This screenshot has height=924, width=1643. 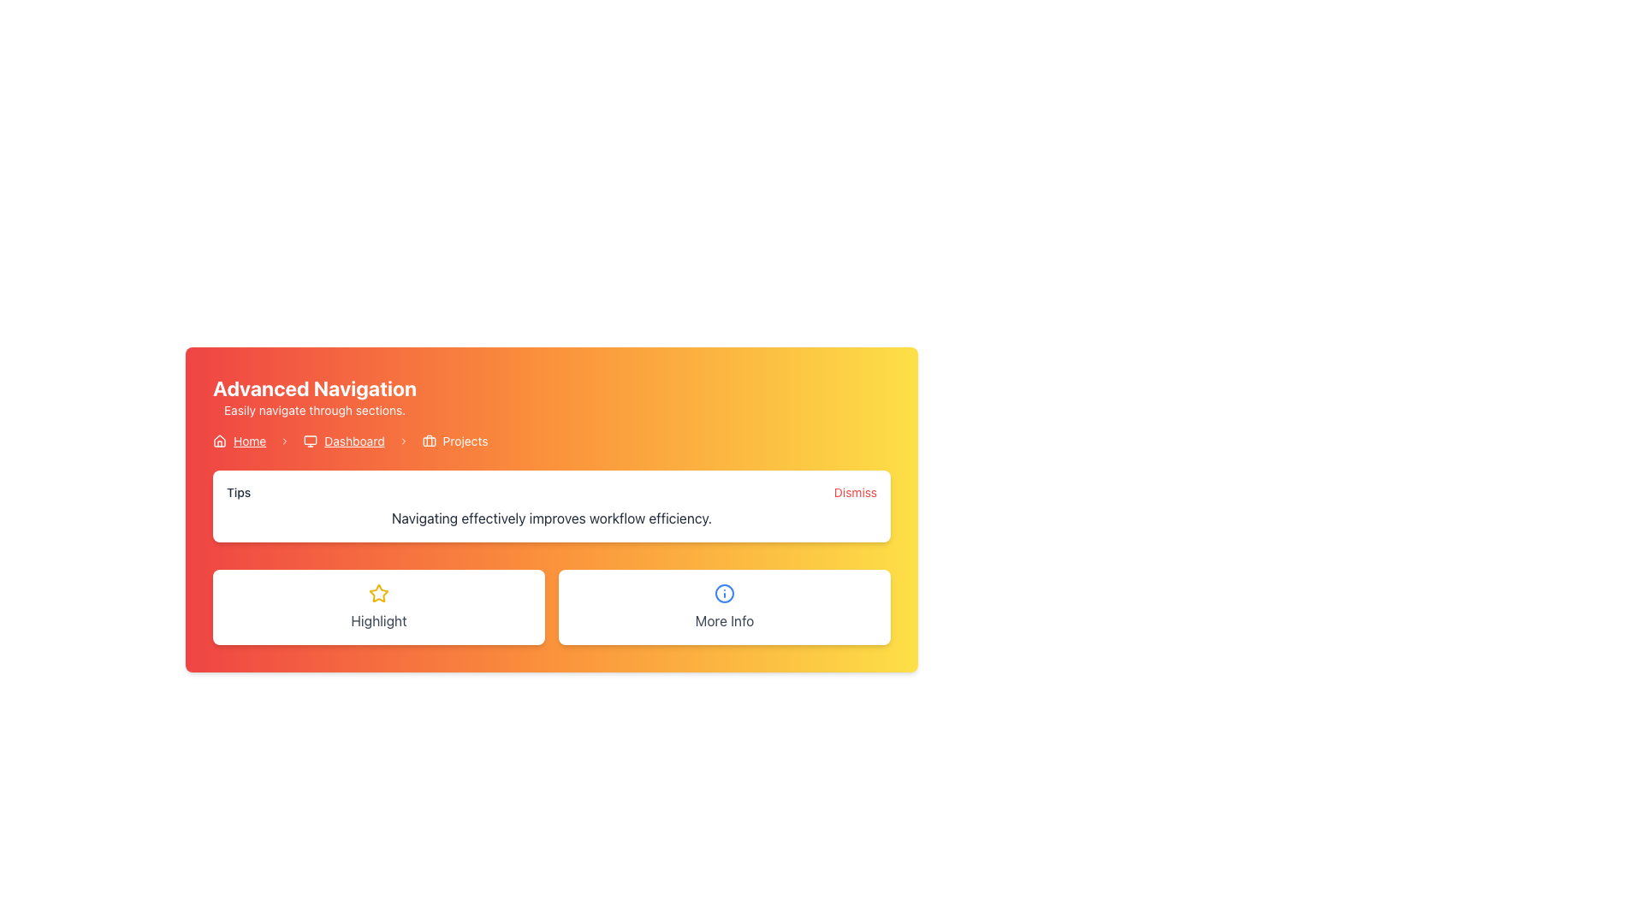 What do you see at coordinates (315, 388) in the screenshot?
I see `prominent bold text 'Advanced Navigation' displayed in white over a vibrant gradient background transitioning from red to orange, located at the top-left corner of its section` at bounding box center [315, 388].